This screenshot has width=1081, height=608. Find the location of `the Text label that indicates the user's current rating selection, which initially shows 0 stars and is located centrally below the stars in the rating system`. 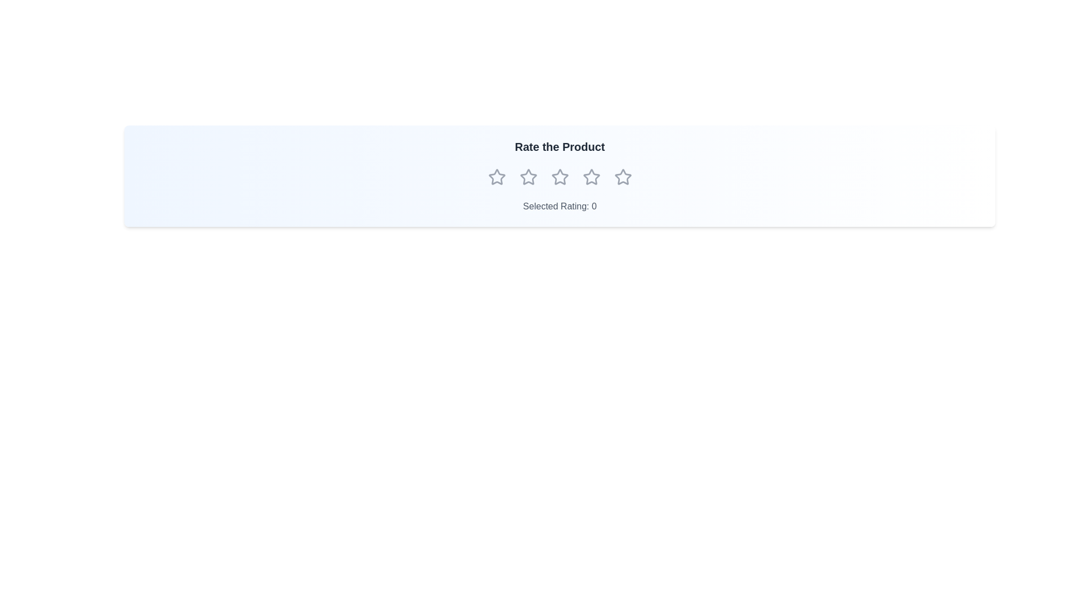

the Text label that indicates the user's current rating selection, which initially shows 0 stars and is located centrally below the stars in the rating system is located at coordinates (560, 206).